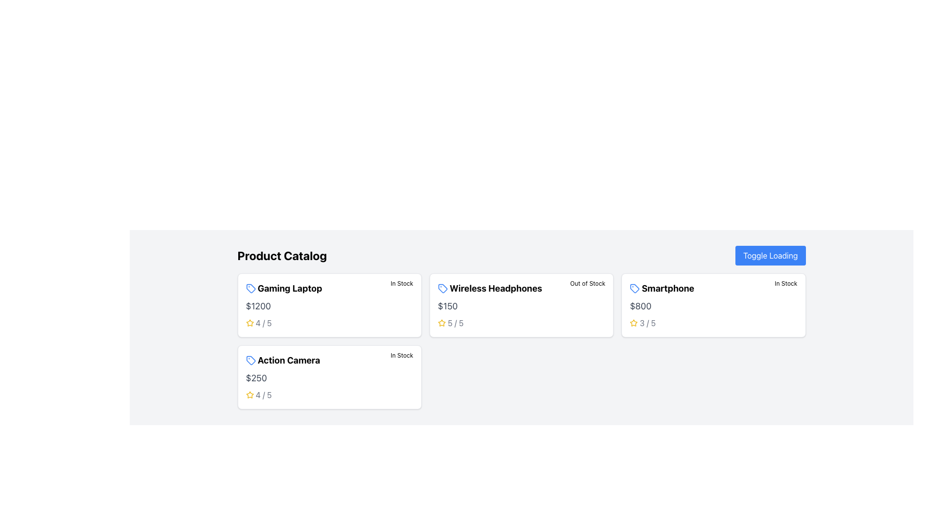  I want to click on the rating element displaying '5 / 5' next to a yellow star icon located beneath the price section '$150' in the 'Wireless Headphones' card, so click(450, 323).